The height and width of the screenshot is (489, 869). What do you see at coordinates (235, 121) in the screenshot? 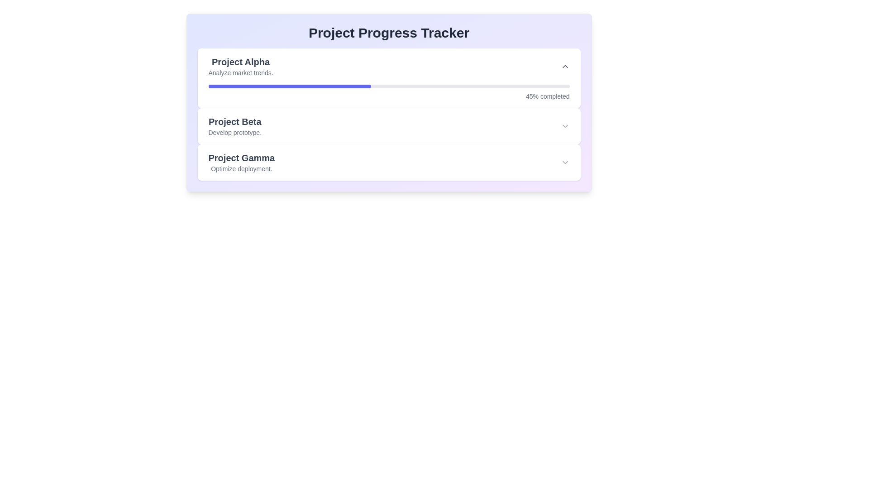
I see `the text label that reads 'Project Beta', which is styled in bold gray font and positioned between the 'Project Alpha' and 'Project Gamma' sections` at bounding box center [235, 121].